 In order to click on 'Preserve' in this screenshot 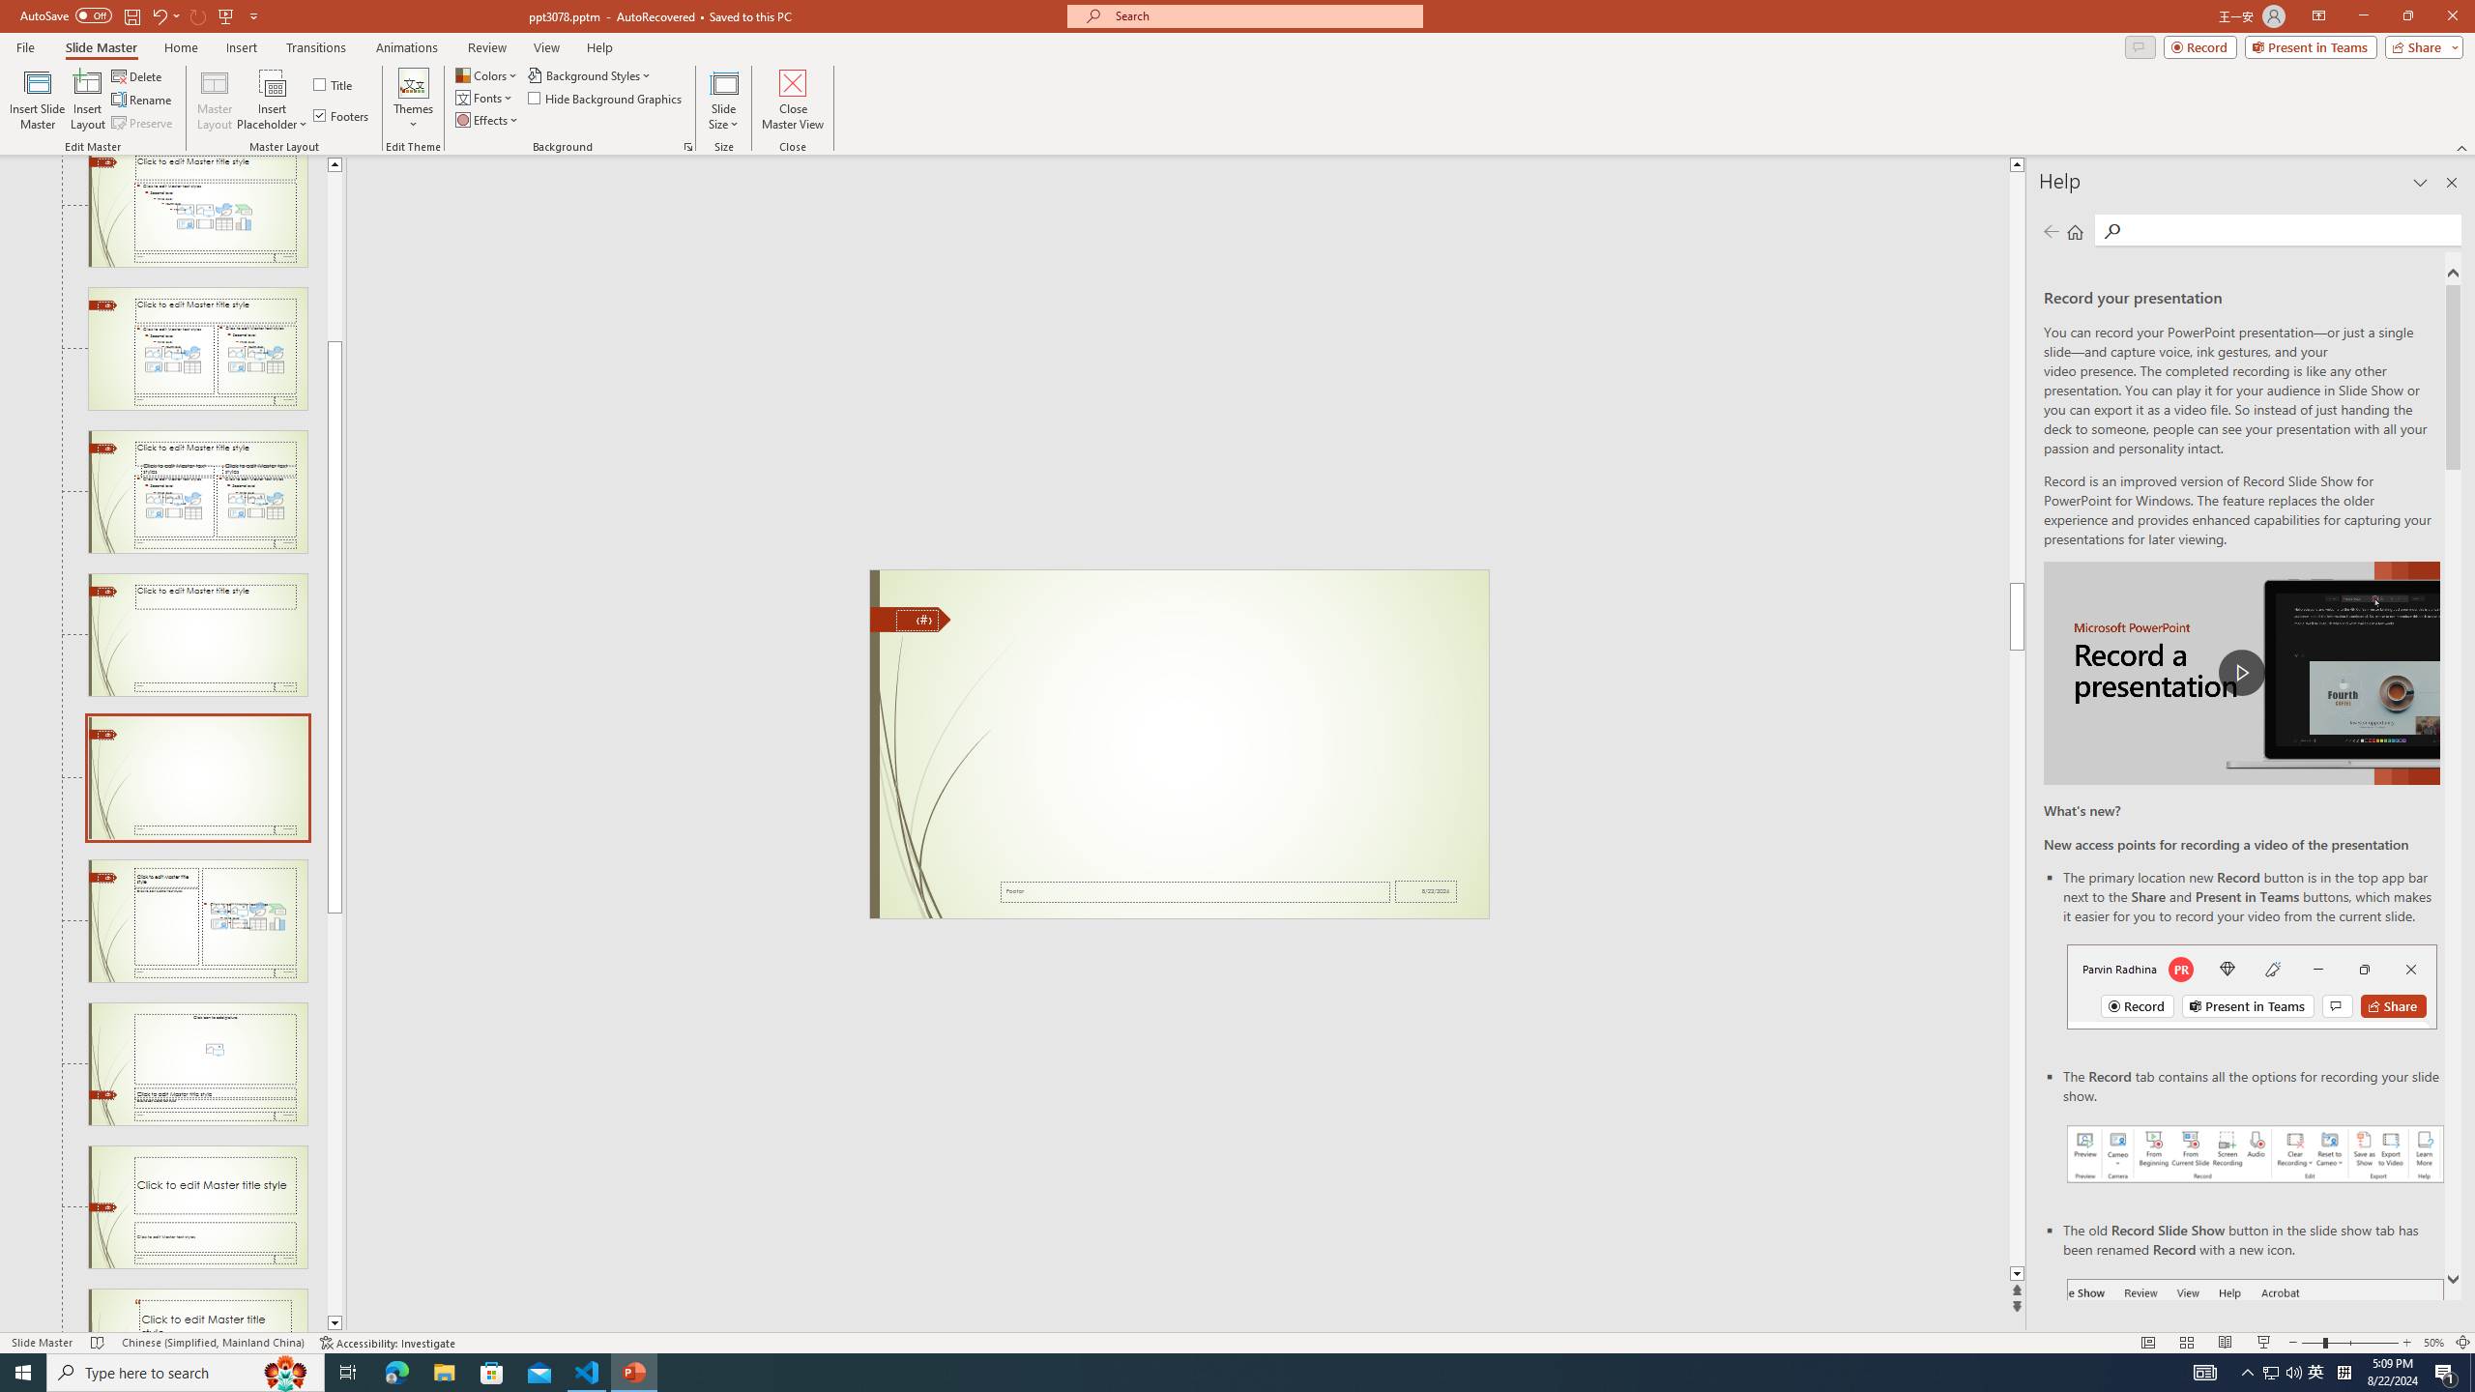, I will do `click(142, 123)`.